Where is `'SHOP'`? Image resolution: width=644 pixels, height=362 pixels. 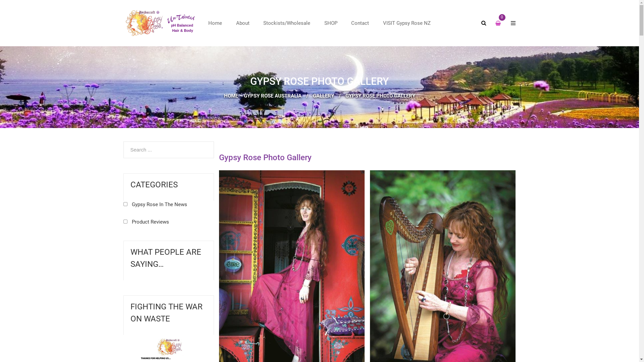 'SHOP' is located at coordinates (331, 23).